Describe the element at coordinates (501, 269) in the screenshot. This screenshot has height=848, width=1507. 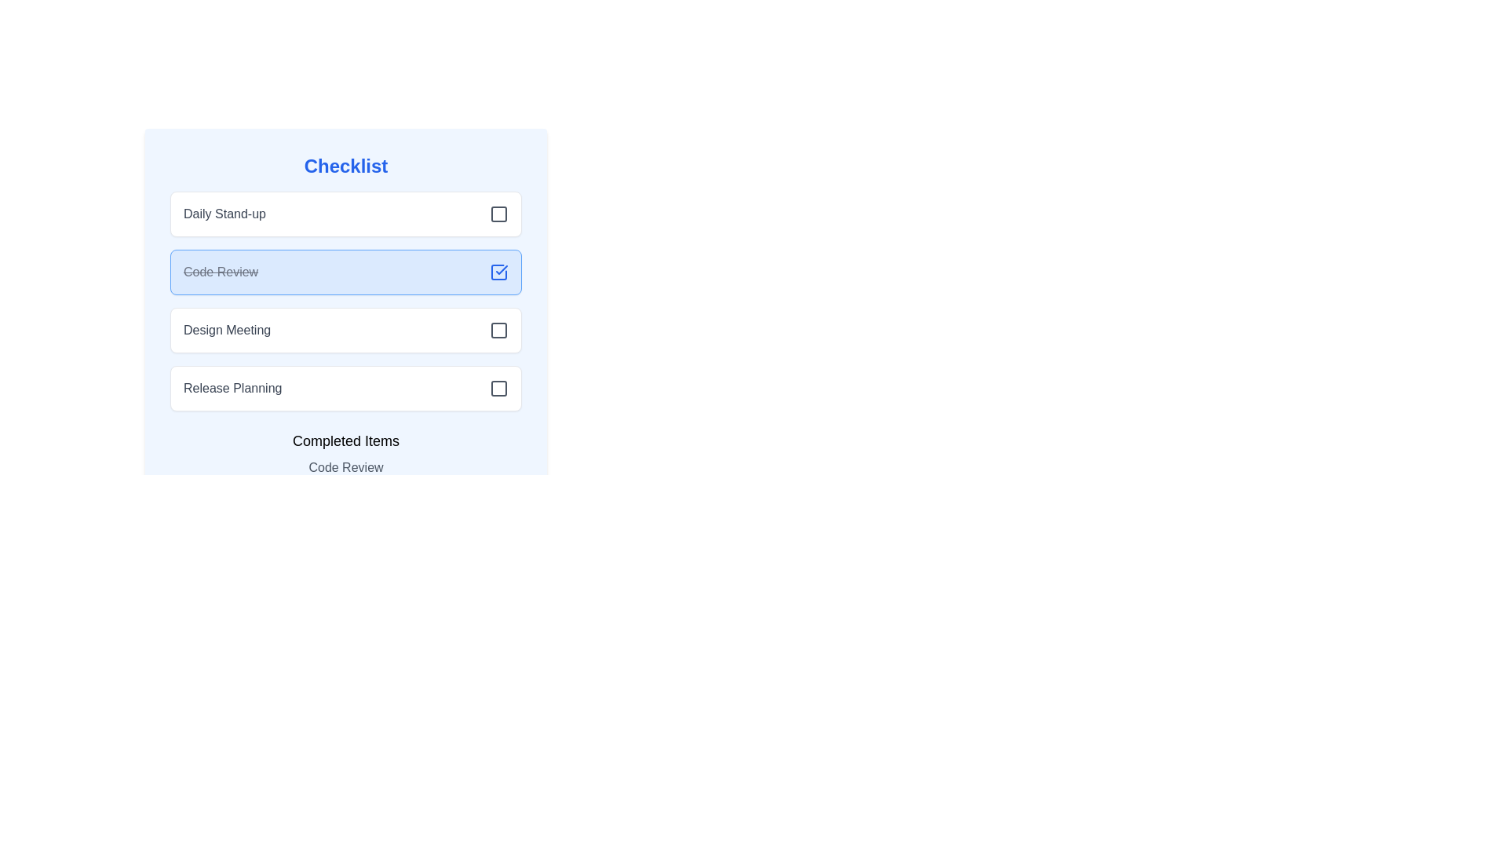
I see `the blue checkmark icon within the 'Code Review' checklist item, located at the rightmost position of the entry` at that location.